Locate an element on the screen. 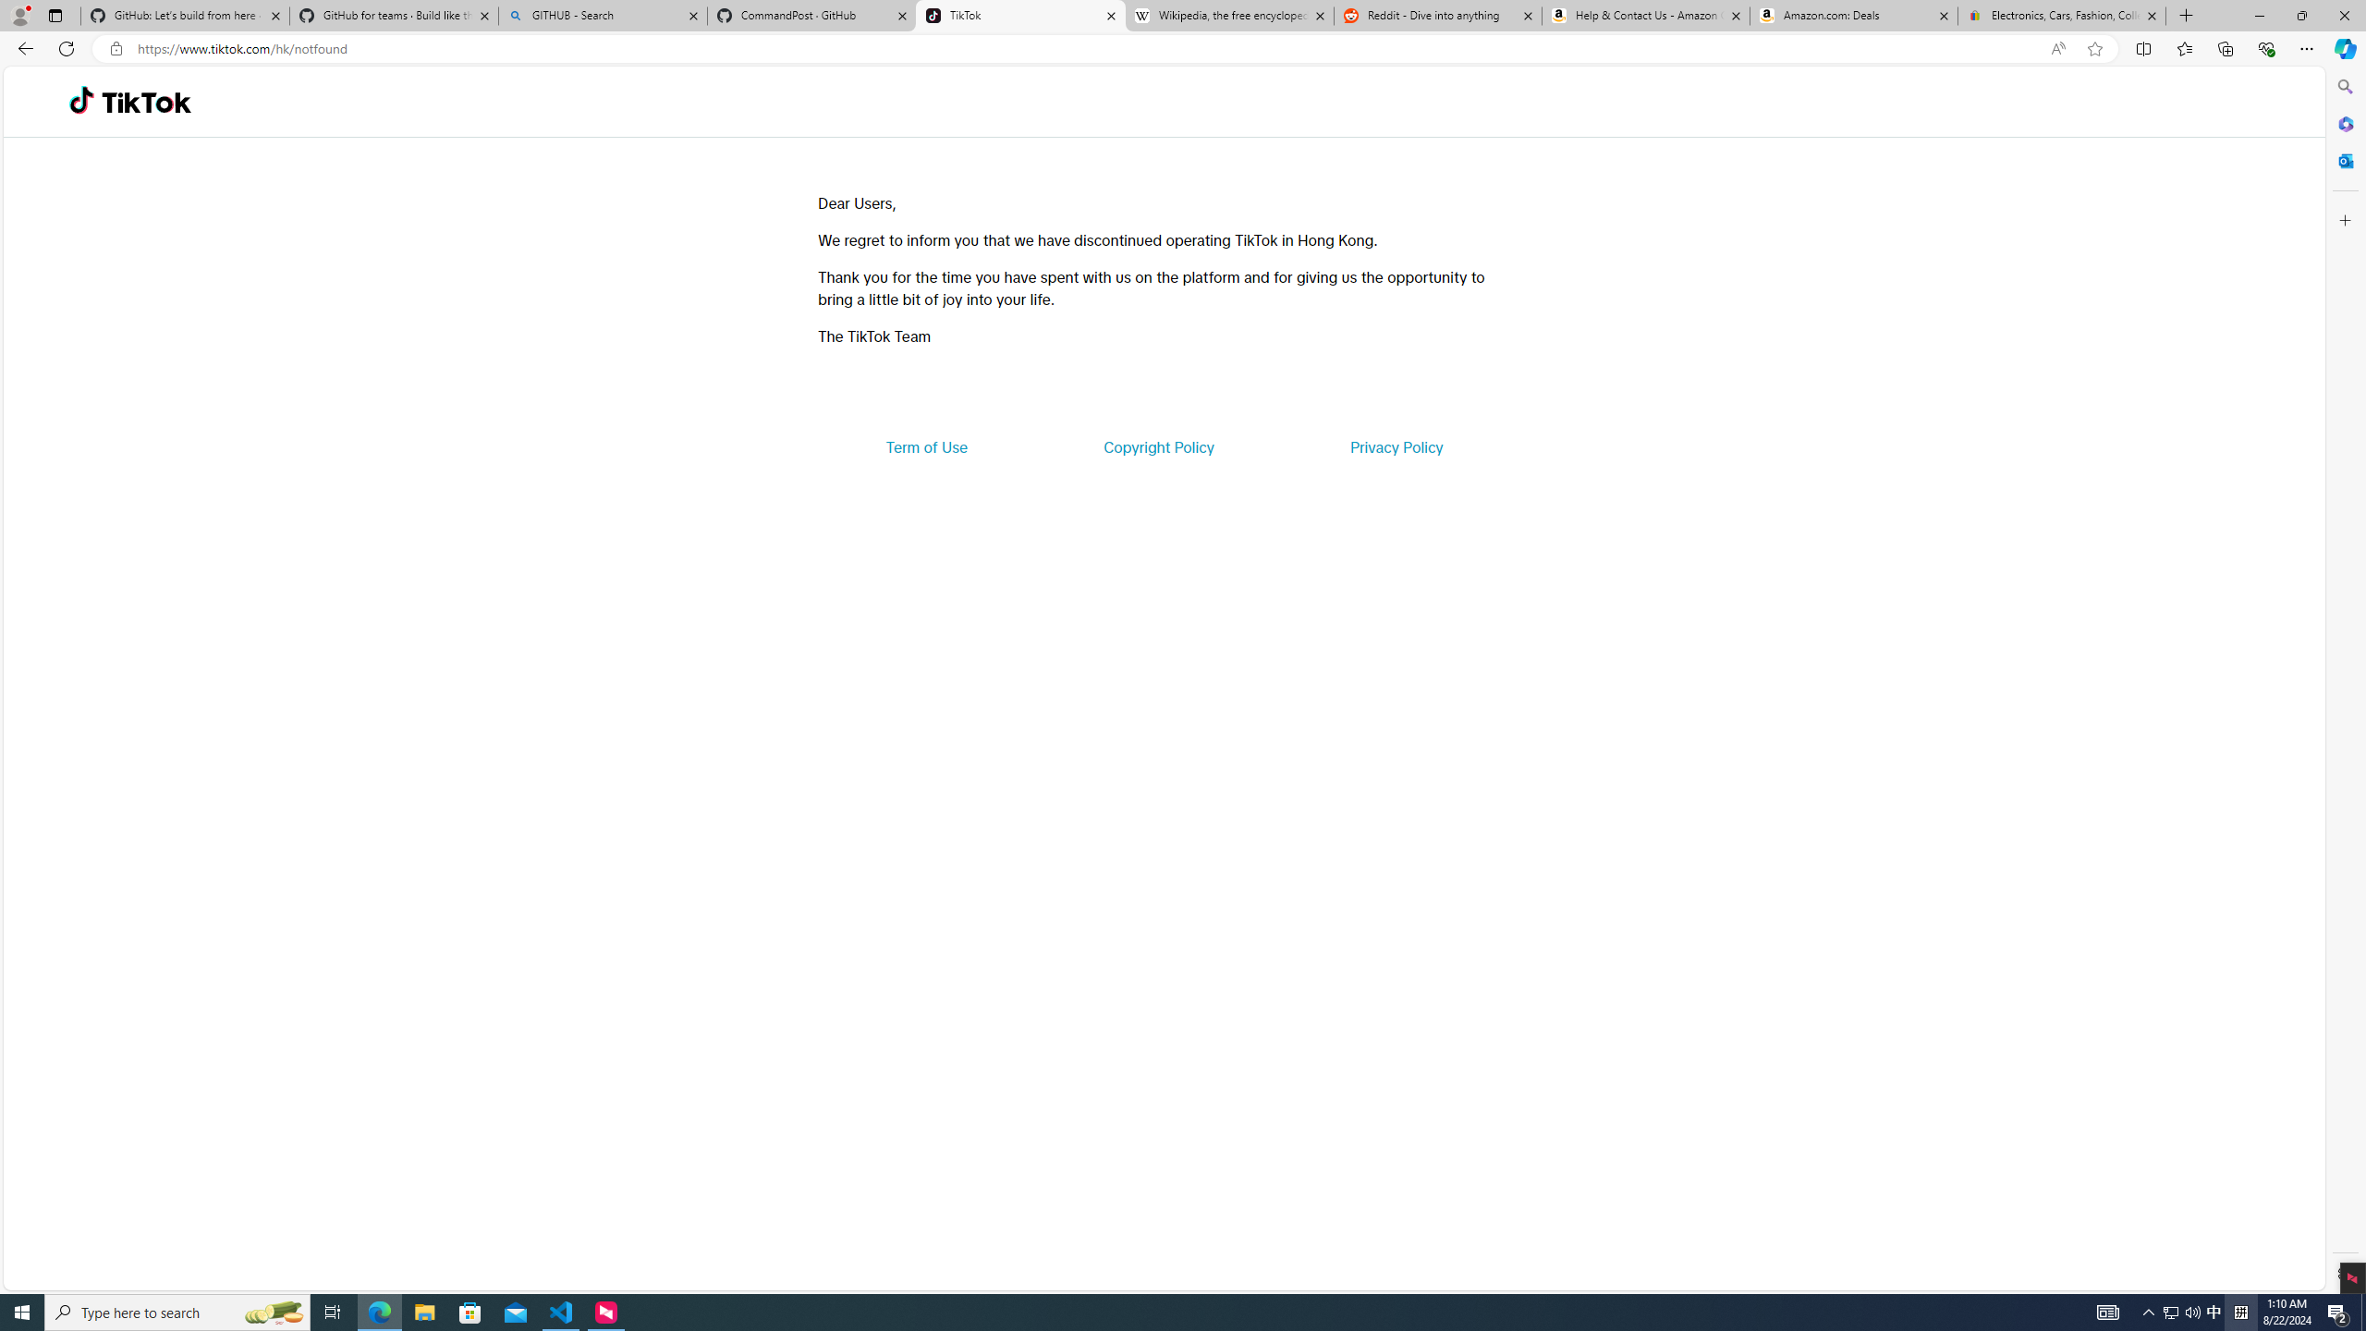  'Privacy Policy' is located at coordinates (1395, 446).